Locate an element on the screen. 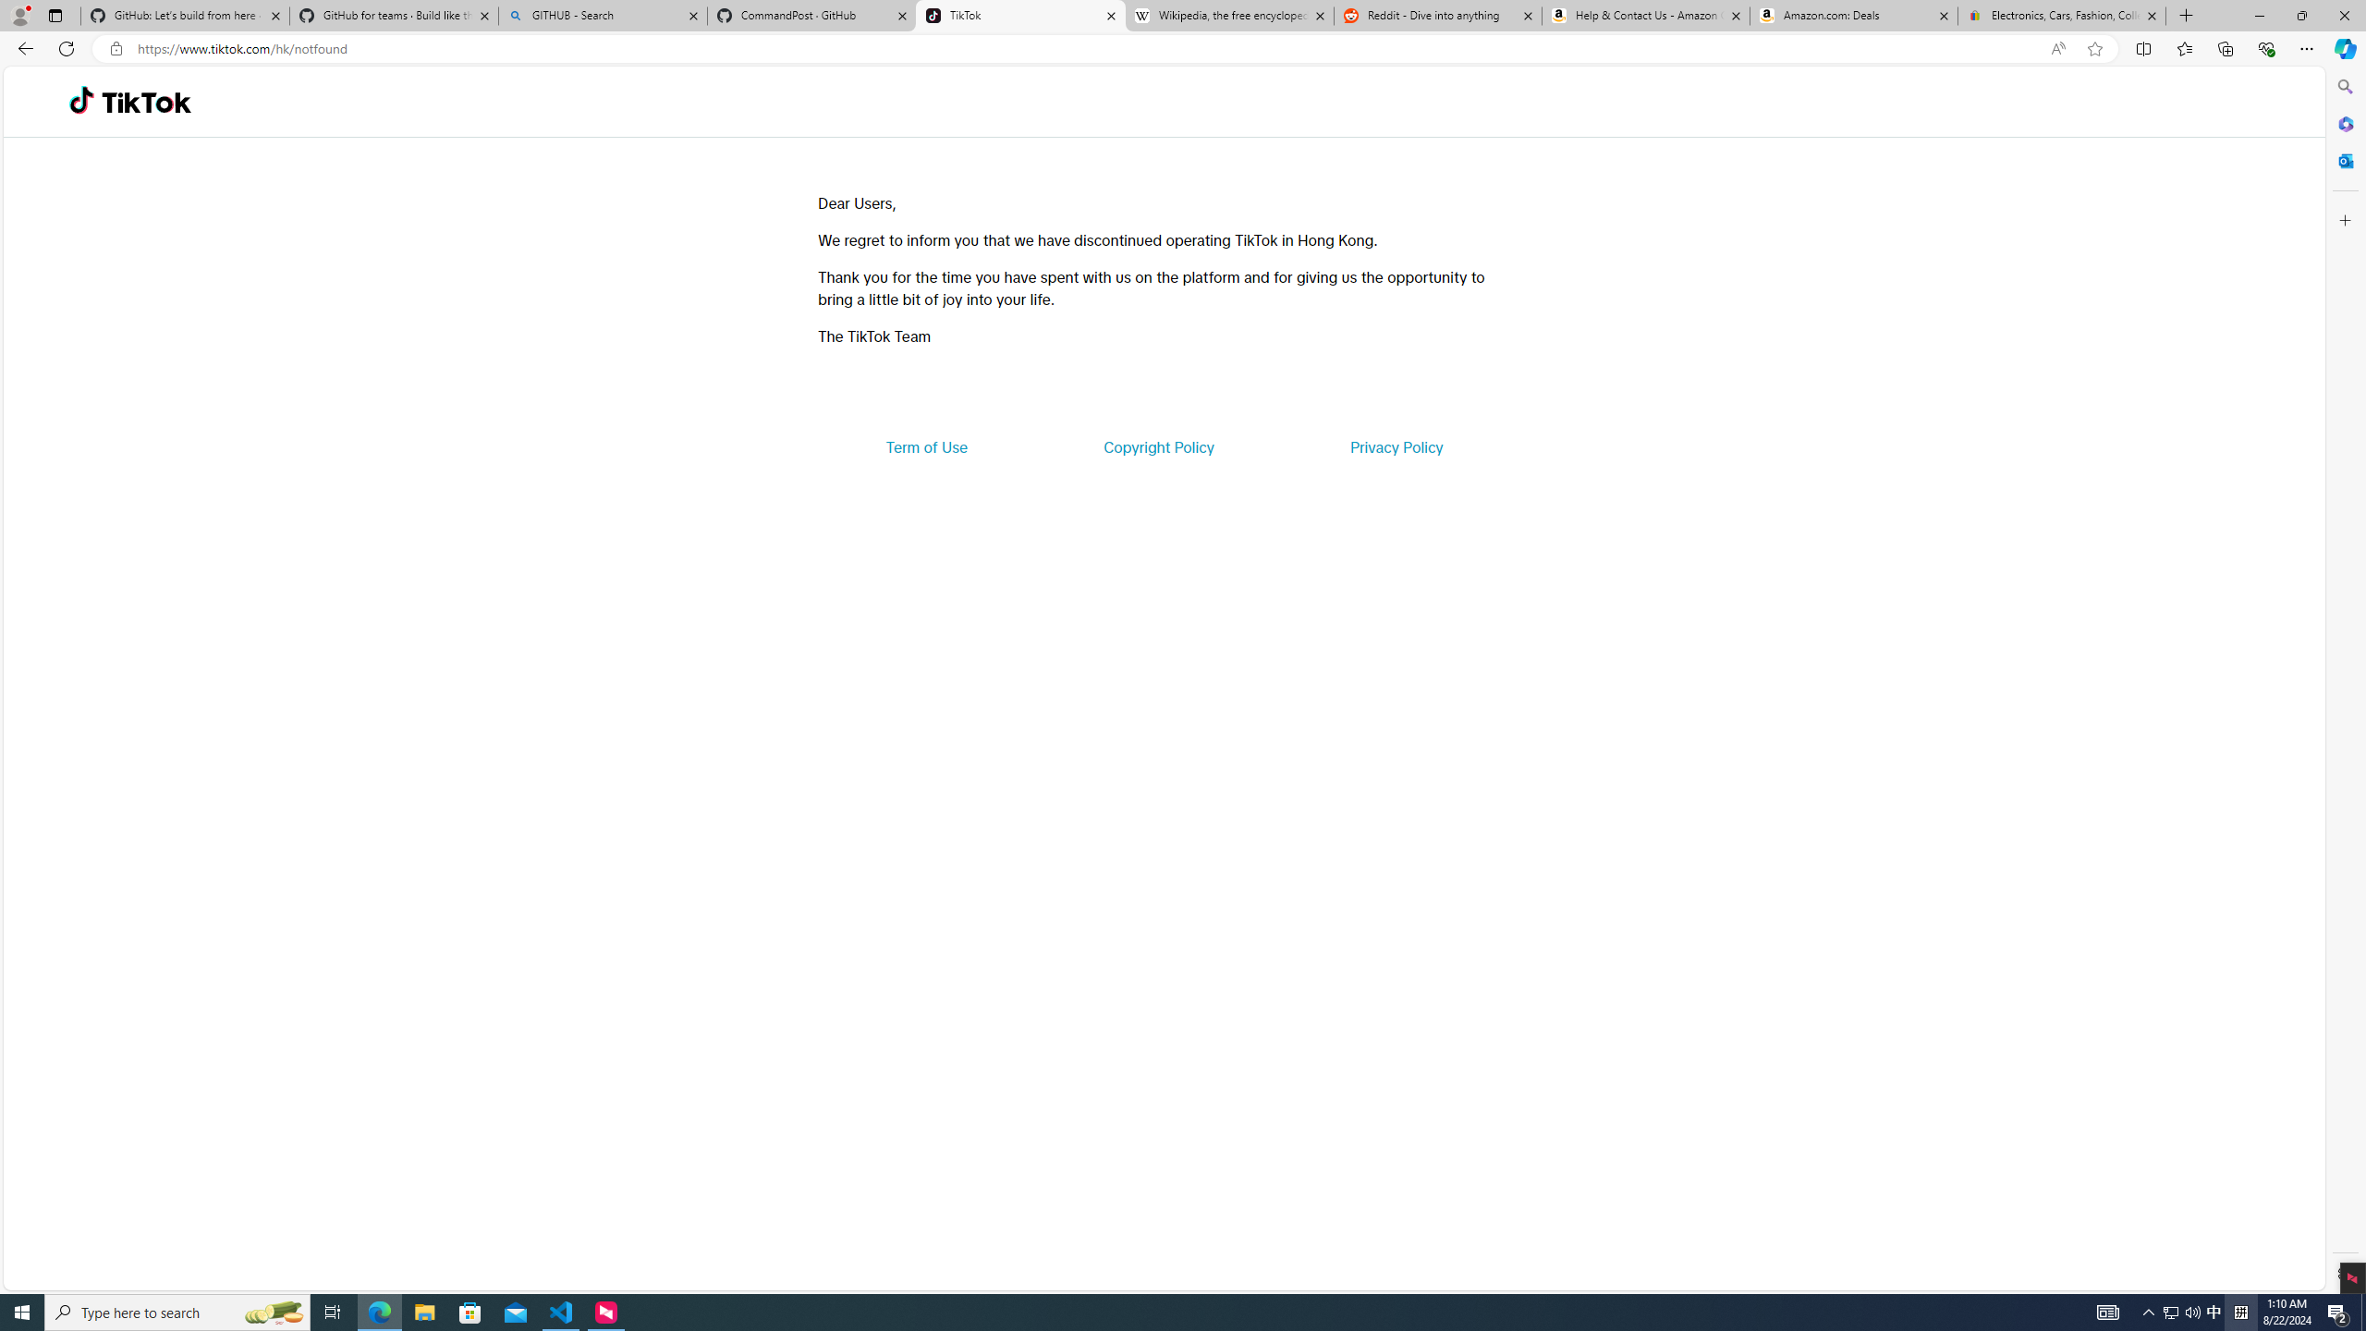  'Privacy Policy' is located at coordinates (1395, 446).